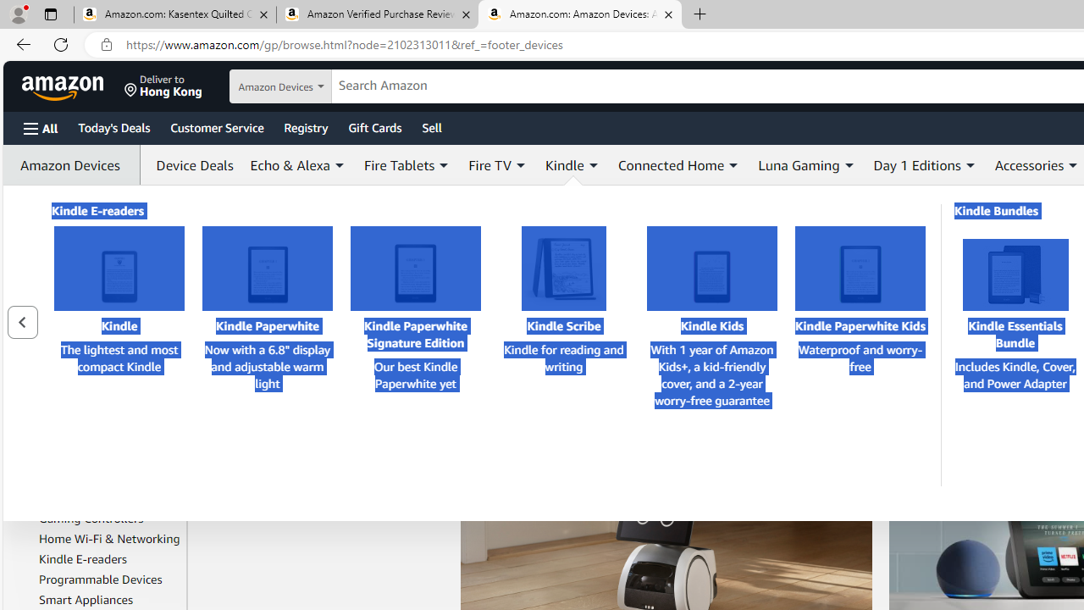  Describe the element at coordinates (373, 126) in the screenshot. I see `'Gift Cards'` at that location.